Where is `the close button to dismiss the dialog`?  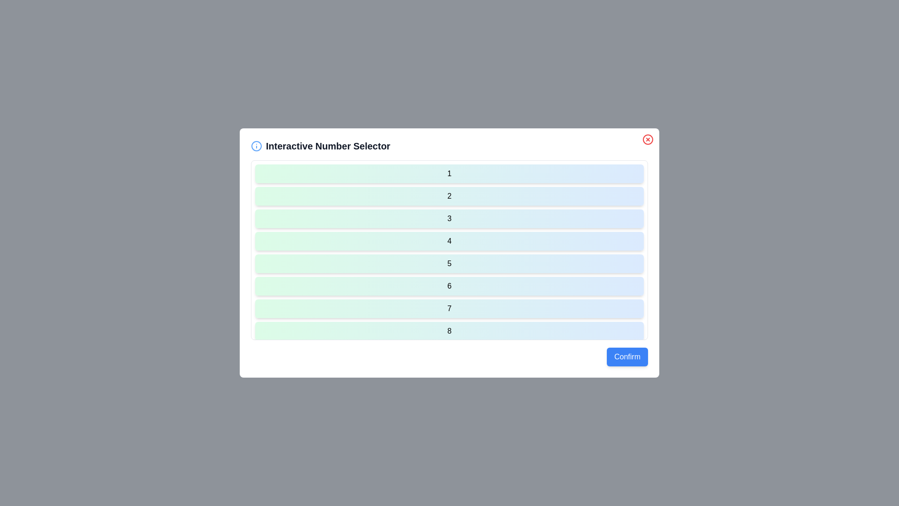
the close button to dismiss the dialog is located at coordinates (647, 139).